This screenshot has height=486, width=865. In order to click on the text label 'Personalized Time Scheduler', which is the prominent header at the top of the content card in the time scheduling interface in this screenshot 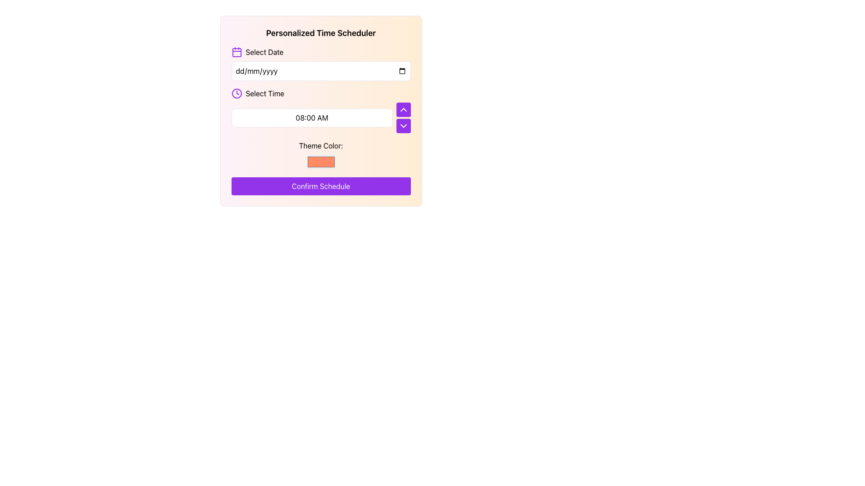, I will do `click(321, 32)`.